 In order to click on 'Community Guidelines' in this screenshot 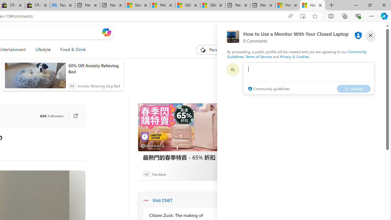, I will do `click(297, 54)`.